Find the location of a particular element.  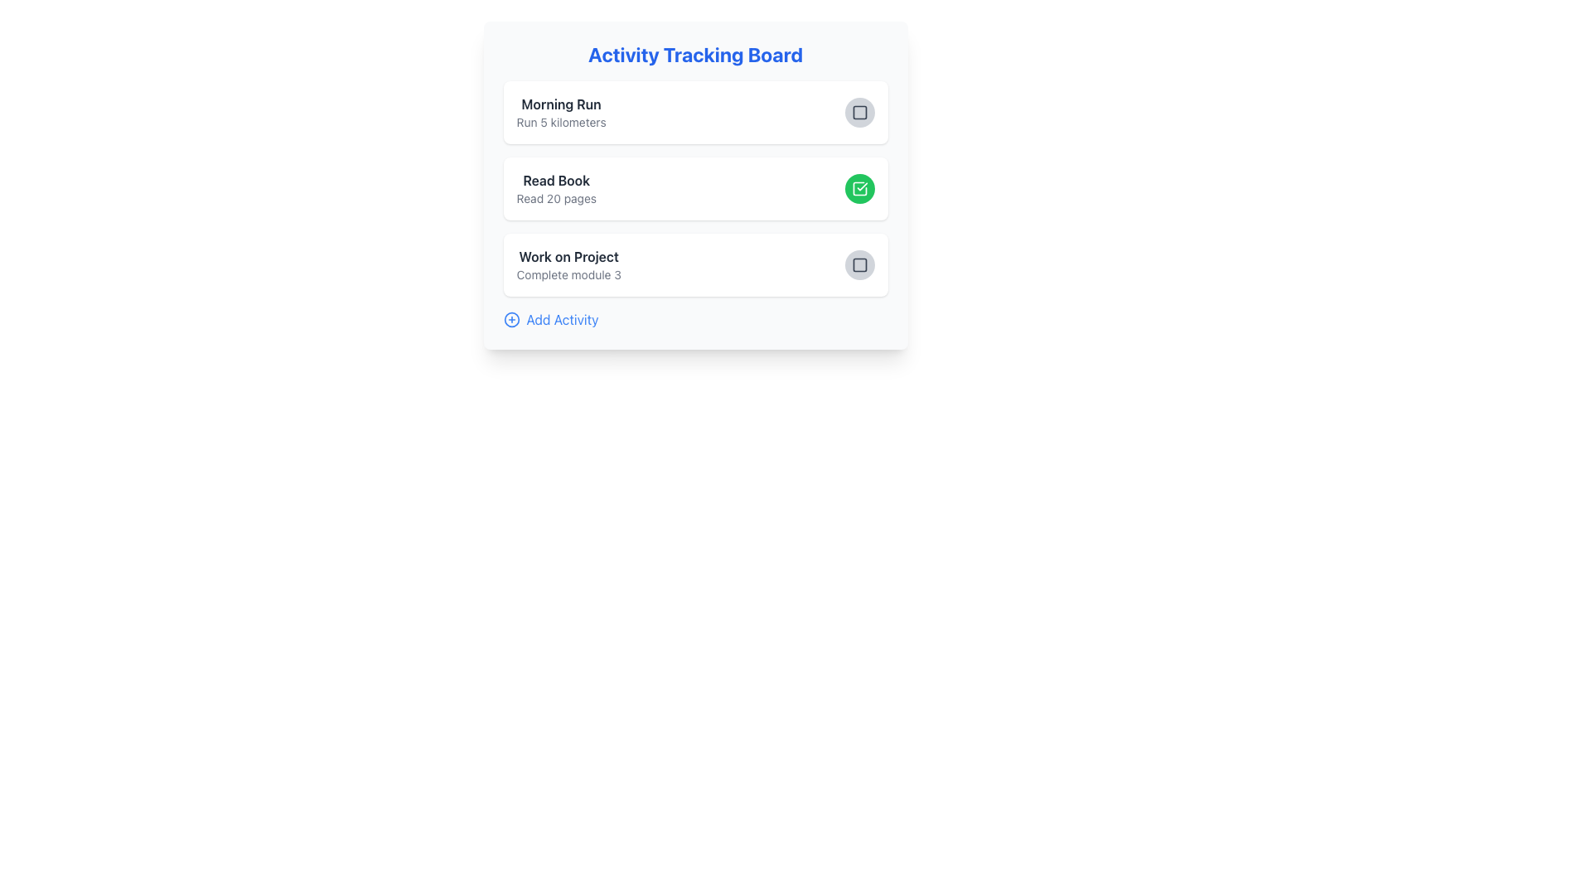

the centered textual heading 'Activity Tracking Board' which is styled with bold, large, blue text, located at the top of the interface is located at coordinates (695, 53).